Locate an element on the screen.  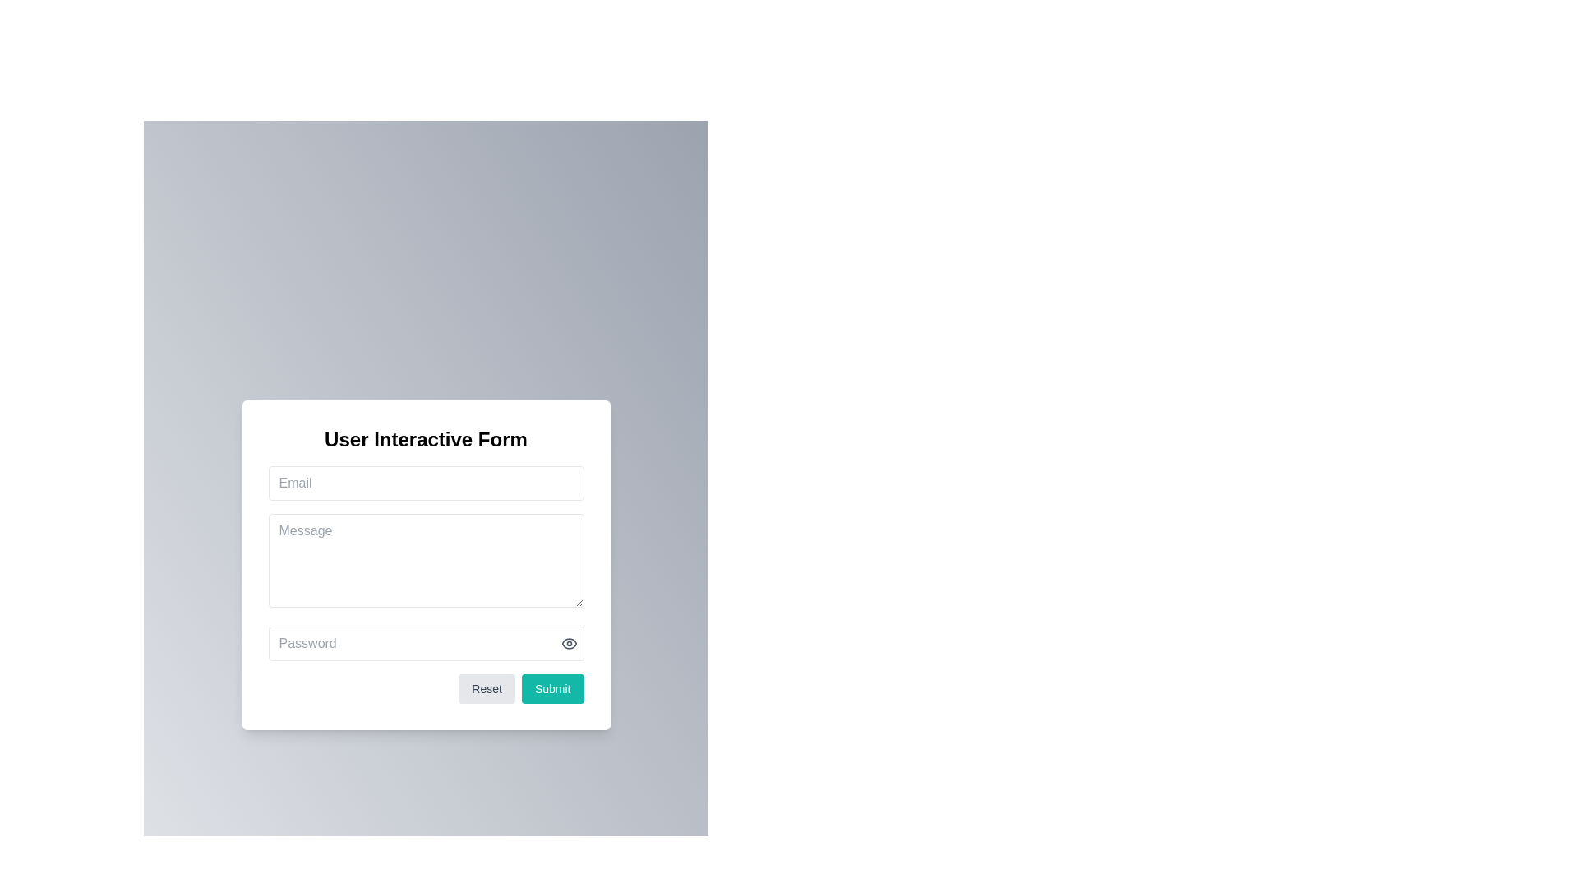
the Submit button located in the bottom-right corner of the form interface is located at coordinates (552, 688).